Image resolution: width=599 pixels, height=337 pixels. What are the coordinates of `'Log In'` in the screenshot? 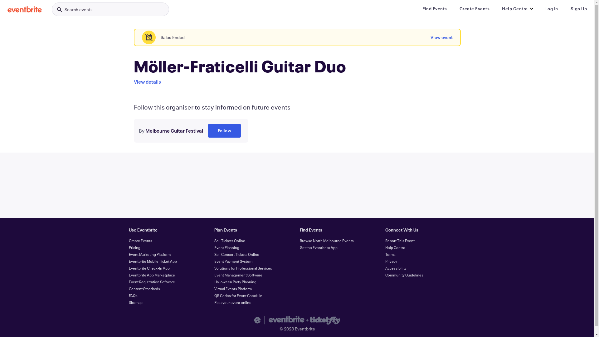 It's located at (552, 8).